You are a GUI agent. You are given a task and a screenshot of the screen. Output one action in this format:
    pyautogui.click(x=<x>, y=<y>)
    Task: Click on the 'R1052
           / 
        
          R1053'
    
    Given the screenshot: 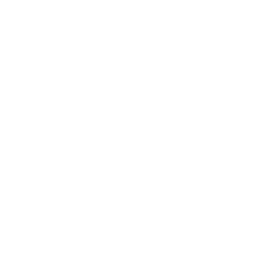 What is the action you would take?
    pyautogui.click(x=48, y=77)
    